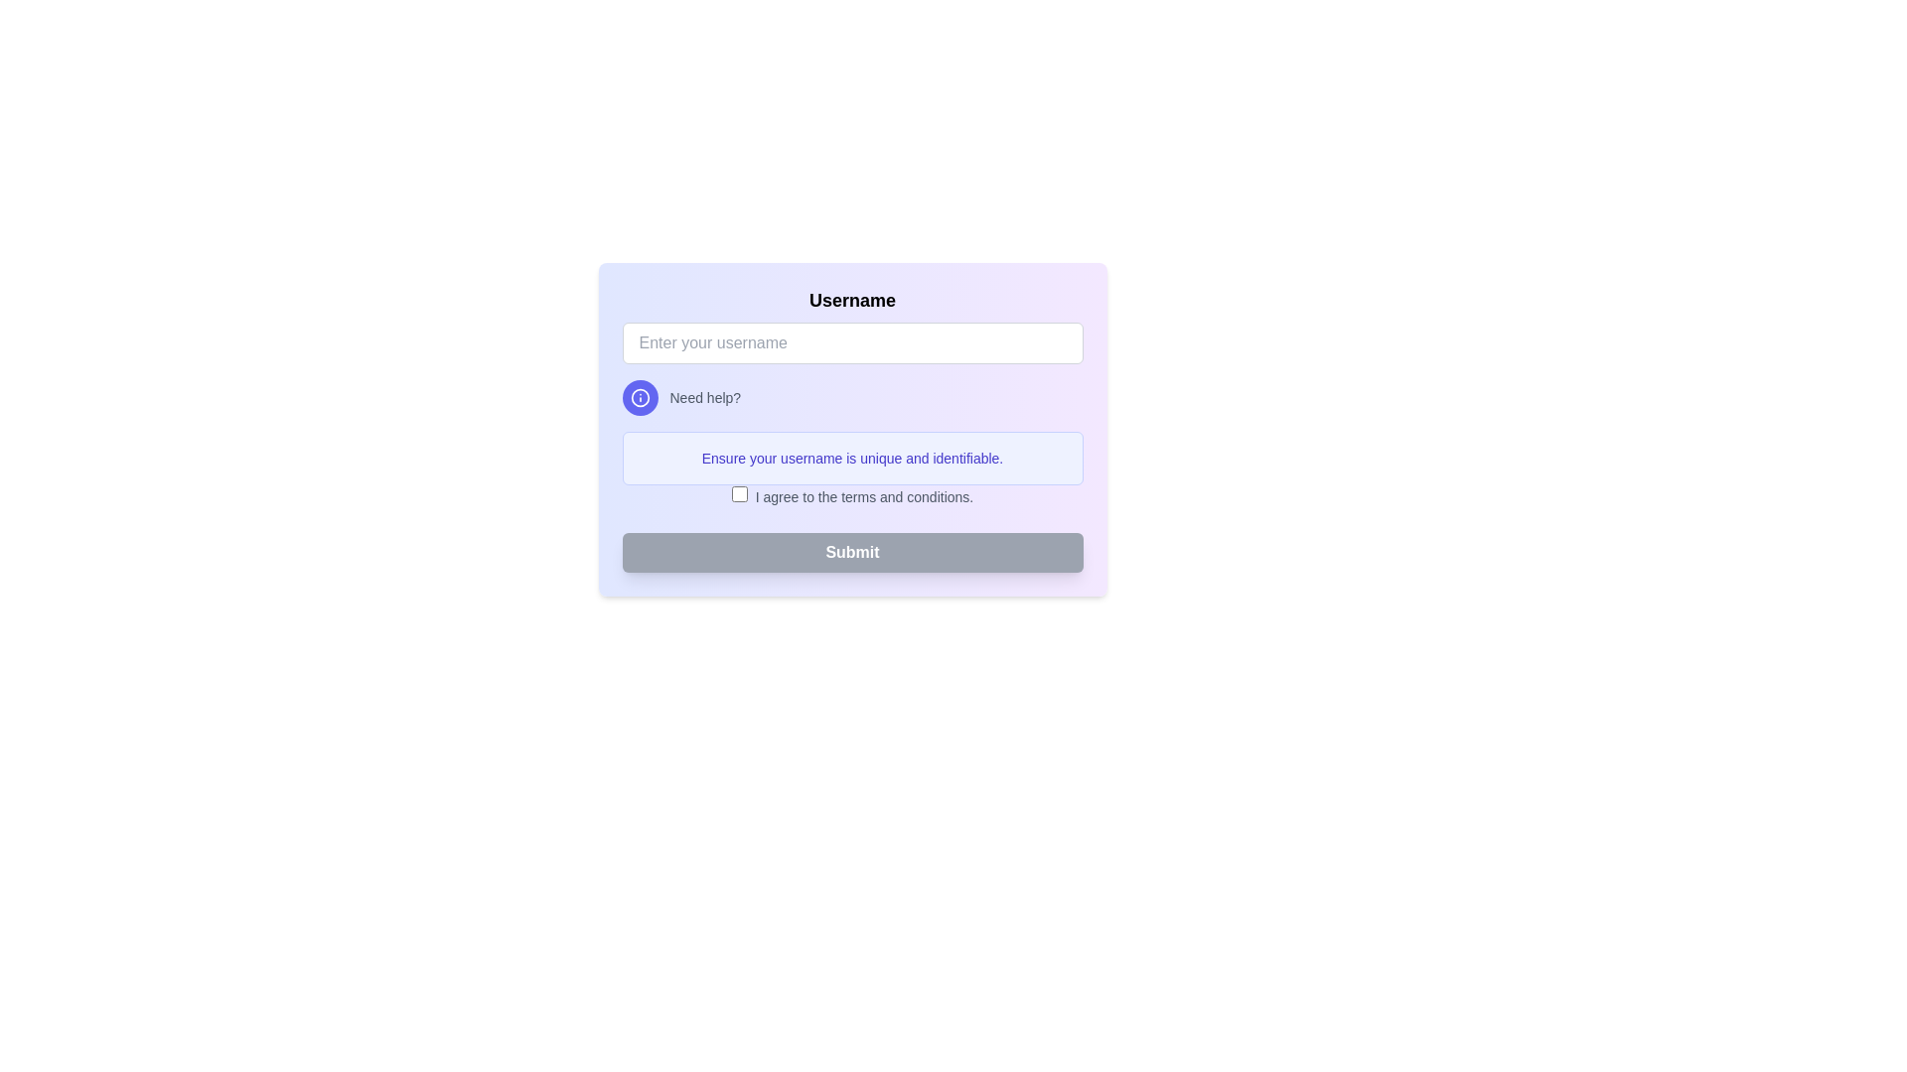 This screenshot has height=1072, width=1907. What do you see at coordinates (852, 301) in the screenshot?
I see `the bold, black-label text 'Username' which is positioned above the username input field` at bounding box center [852, 301].